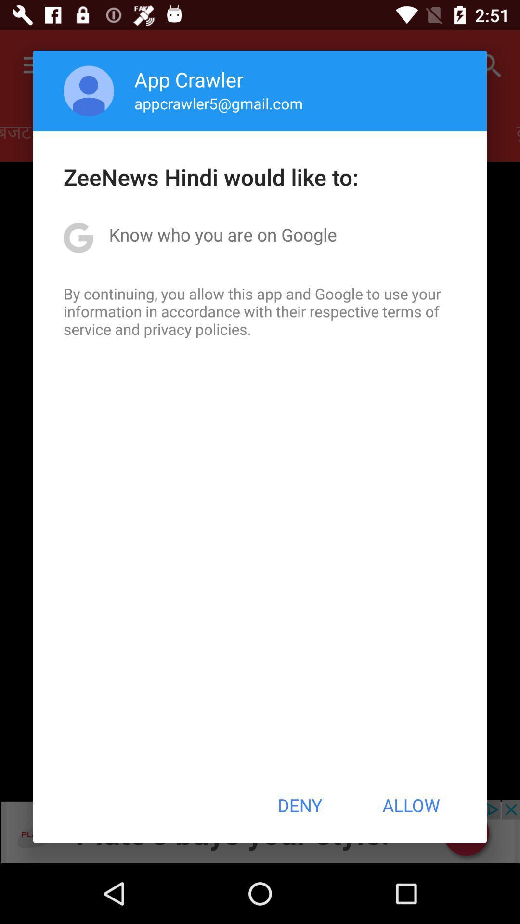 Image resolution: width=520 pixels, height=924 pixels. Describe the element at coordinates (223, 234) in the screenshot. I see `know who you` at that location.